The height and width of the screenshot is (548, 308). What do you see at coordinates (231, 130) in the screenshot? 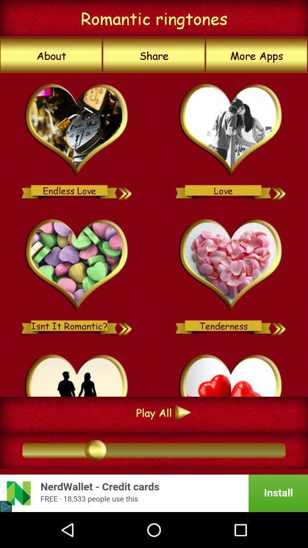
I see `ringtone selection` at bounding box center [231, 130].